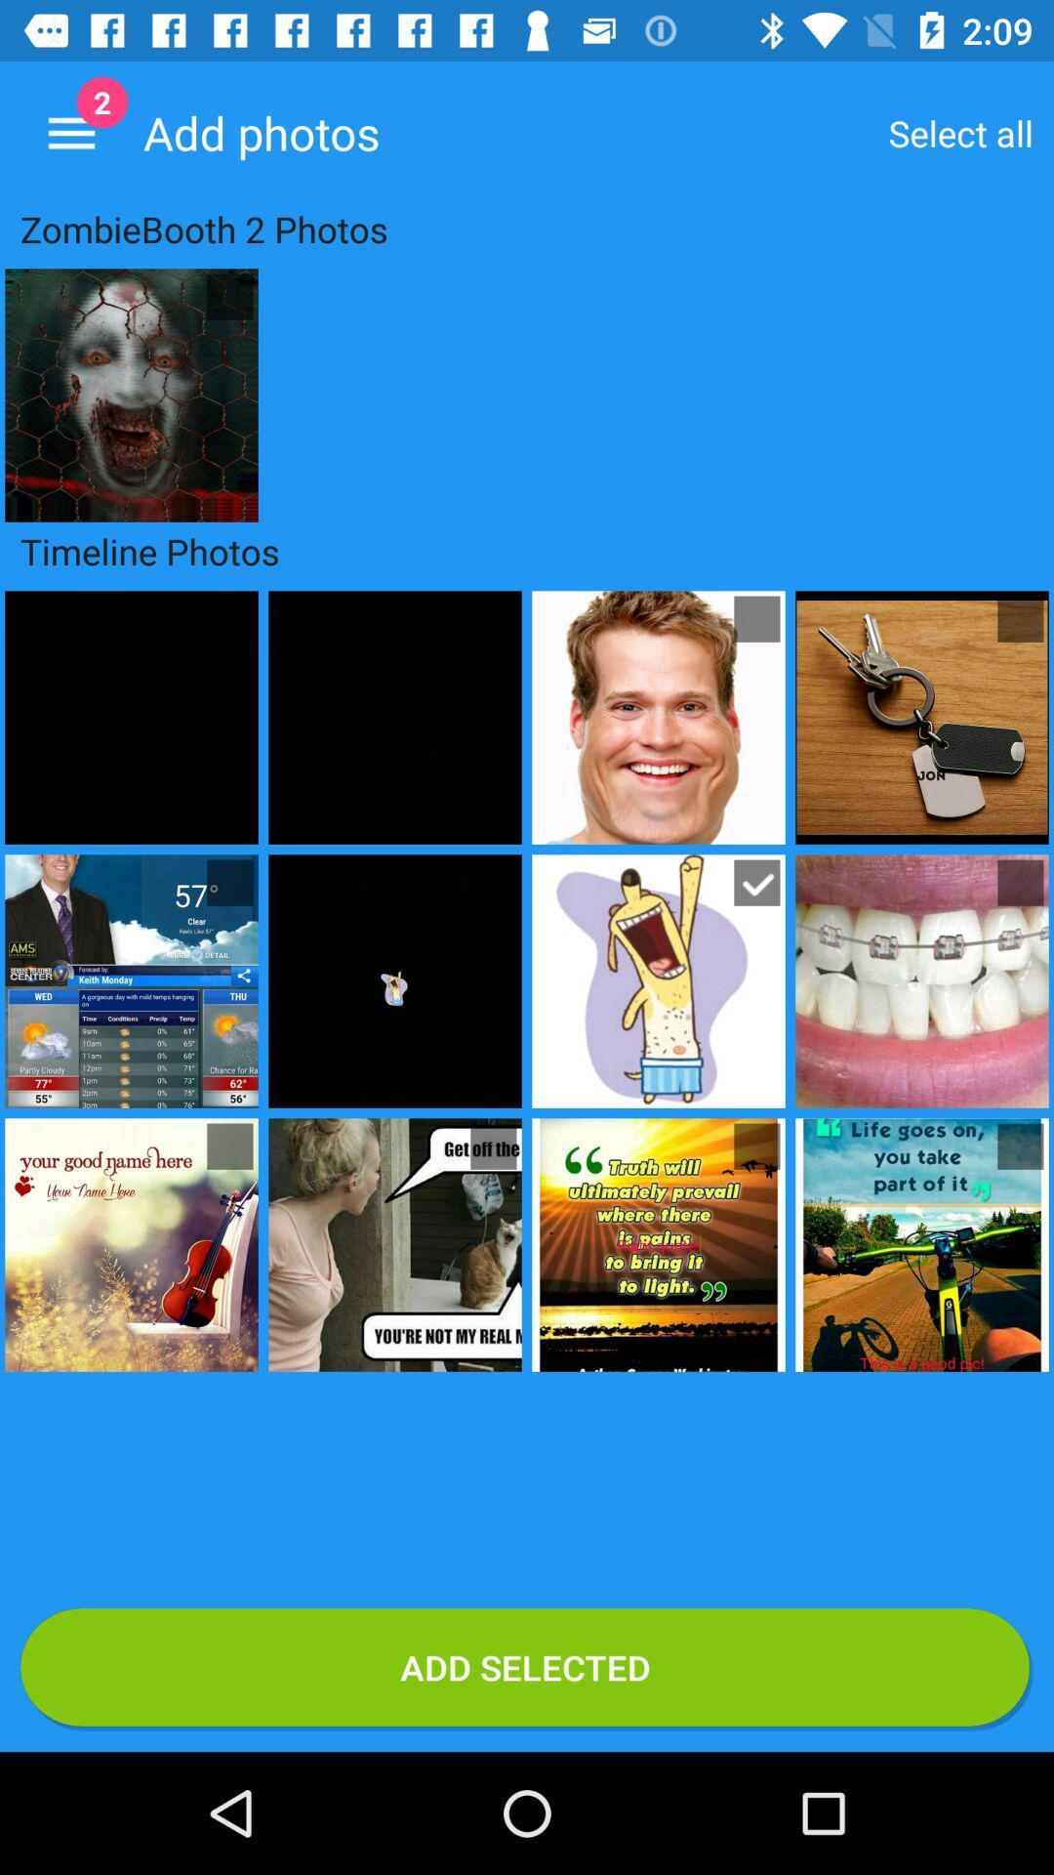 The width and height of the screenshot is (1054, 1875). What do you see at coordinates (755, 1146) in the screenshot?
I see `the check box of image which is at third row and third column` at bounding box center [755, 1146].